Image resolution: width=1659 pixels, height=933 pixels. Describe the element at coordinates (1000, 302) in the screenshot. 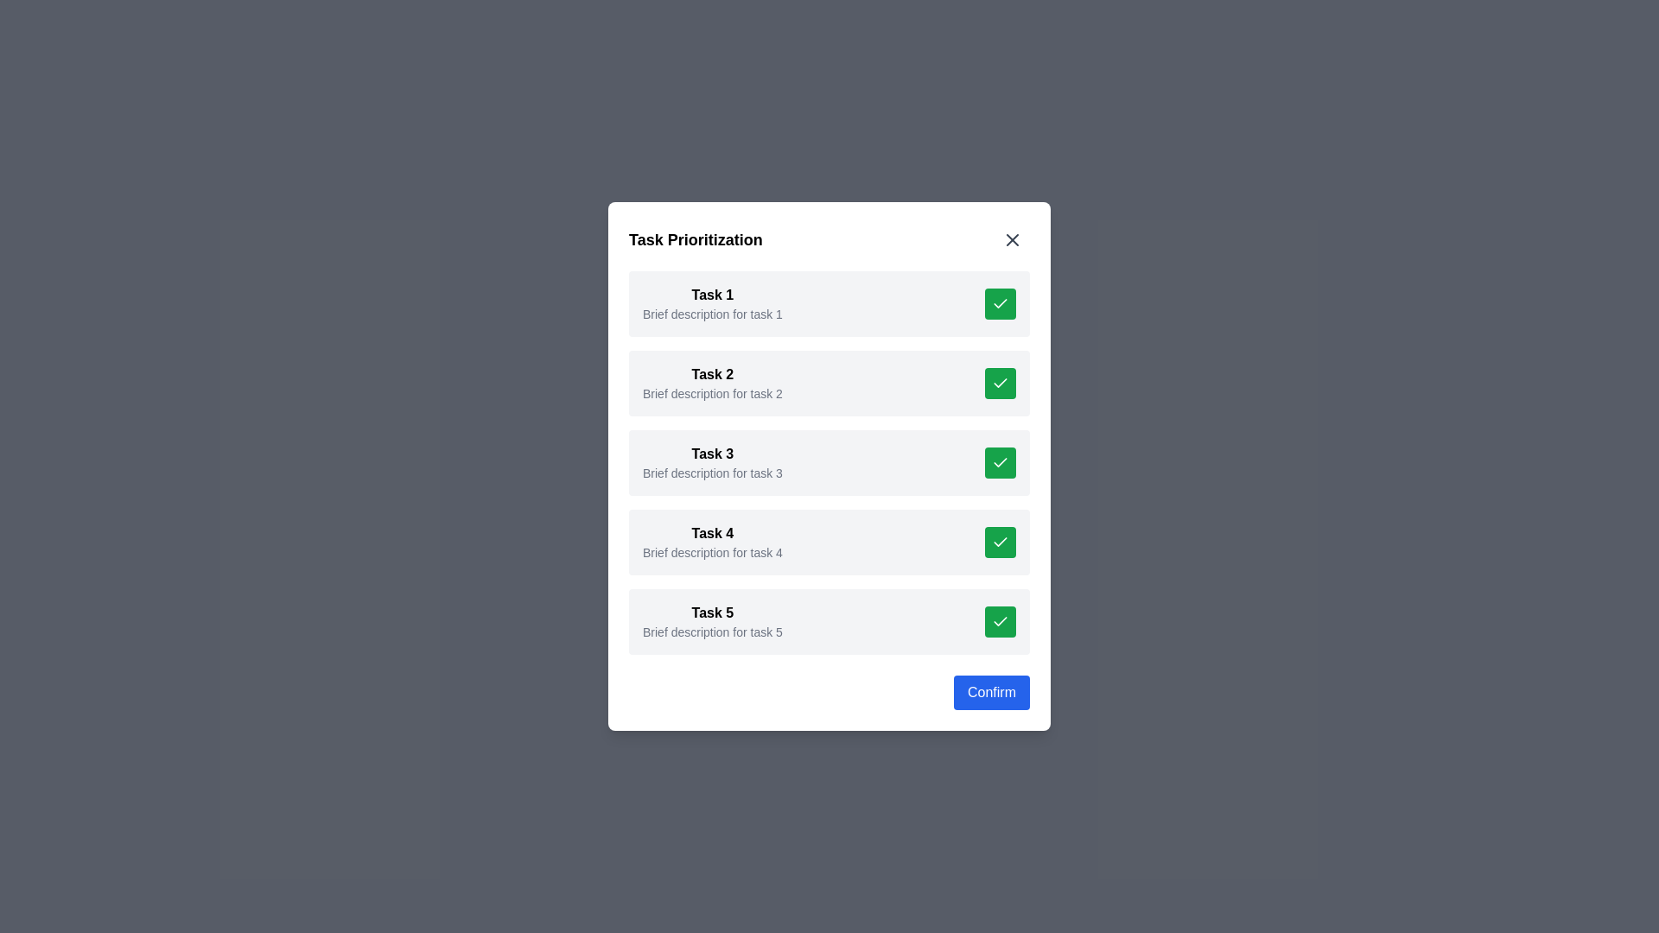

I see `checkmark icon indicating that 'Task 1' is marked as completed, located to the far right of the row labeled 'Task 1'` at that location.